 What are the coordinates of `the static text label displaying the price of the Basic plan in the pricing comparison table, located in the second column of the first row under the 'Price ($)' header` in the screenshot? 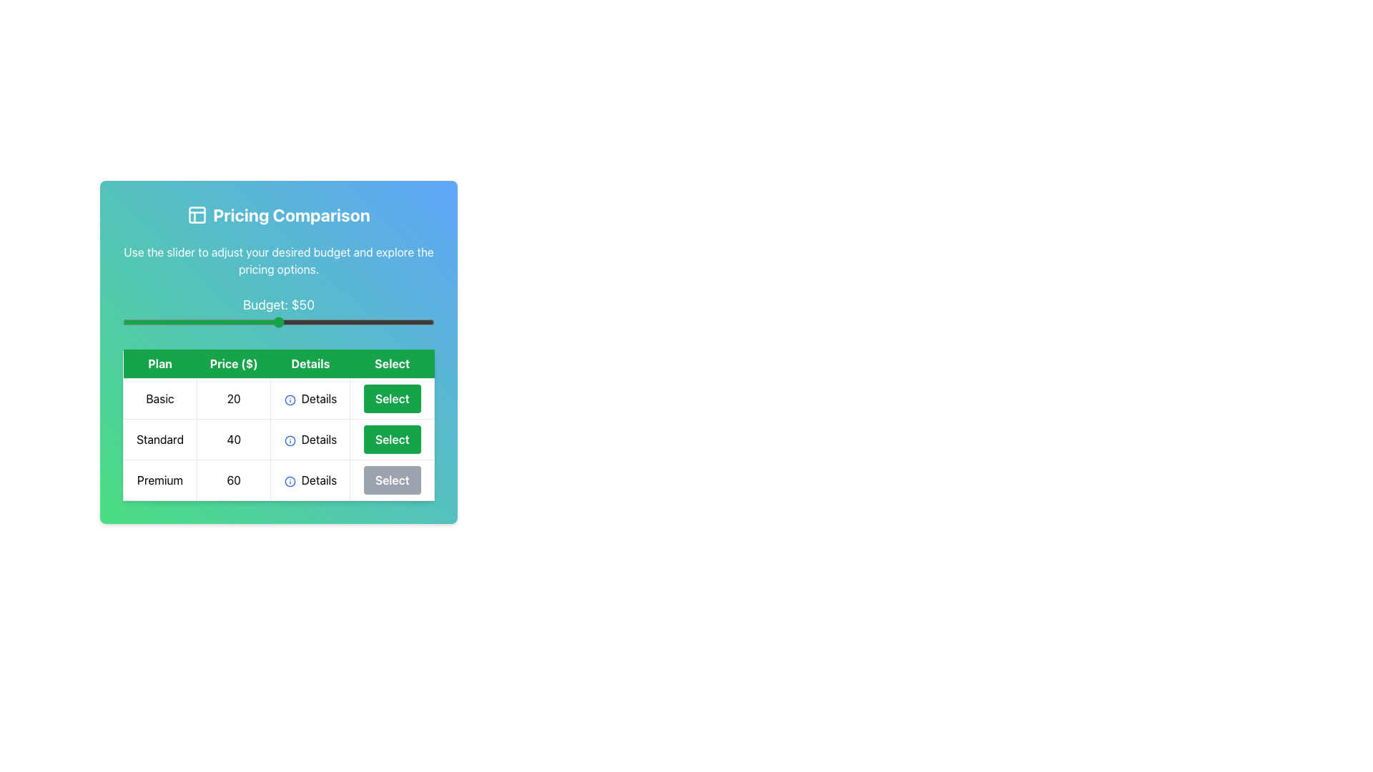 It's located at (234, 399).